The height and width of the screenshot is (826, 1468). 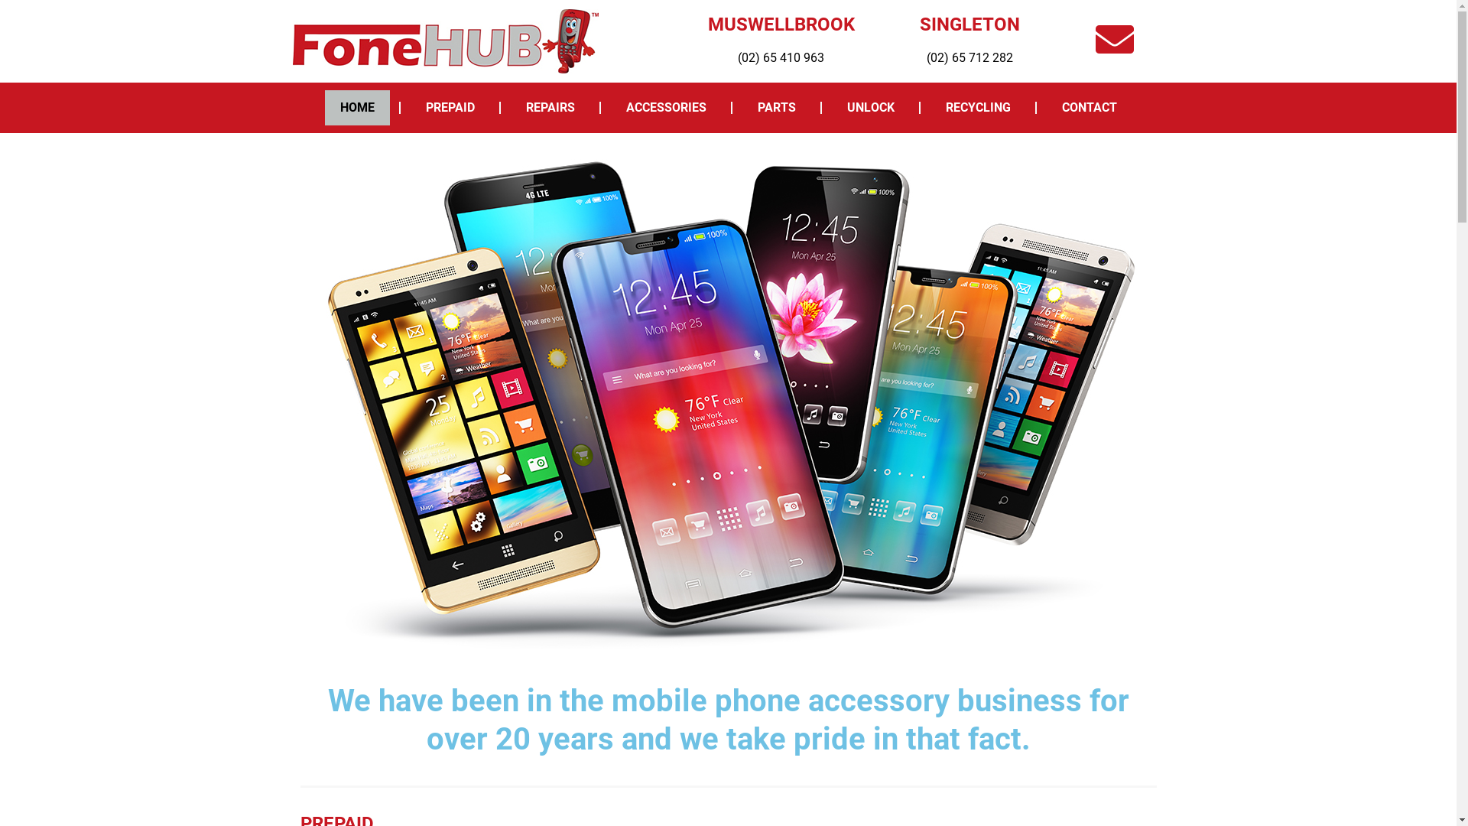 What do you see at coordinates (831, 107) in the screenshot?
I see `'UNLOCK'` at bounding box center [831, 107].